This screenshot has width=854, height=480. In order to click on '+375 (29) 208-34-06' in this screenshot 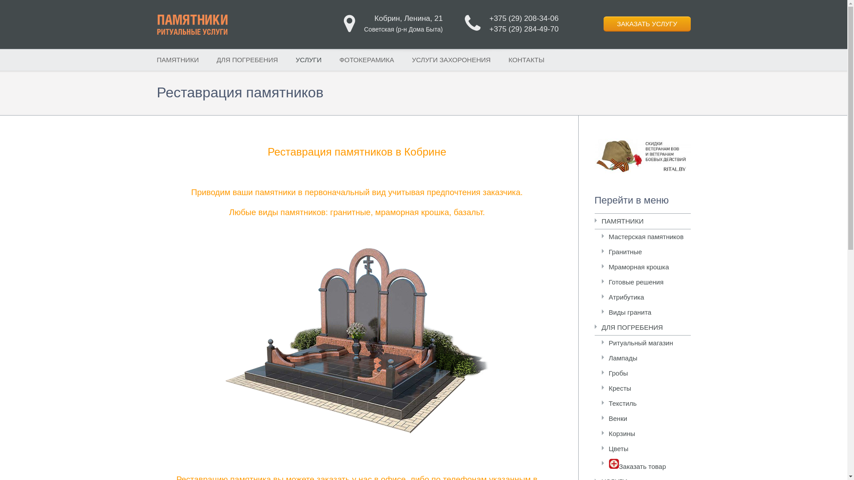, I will do `click(524, 18)`.